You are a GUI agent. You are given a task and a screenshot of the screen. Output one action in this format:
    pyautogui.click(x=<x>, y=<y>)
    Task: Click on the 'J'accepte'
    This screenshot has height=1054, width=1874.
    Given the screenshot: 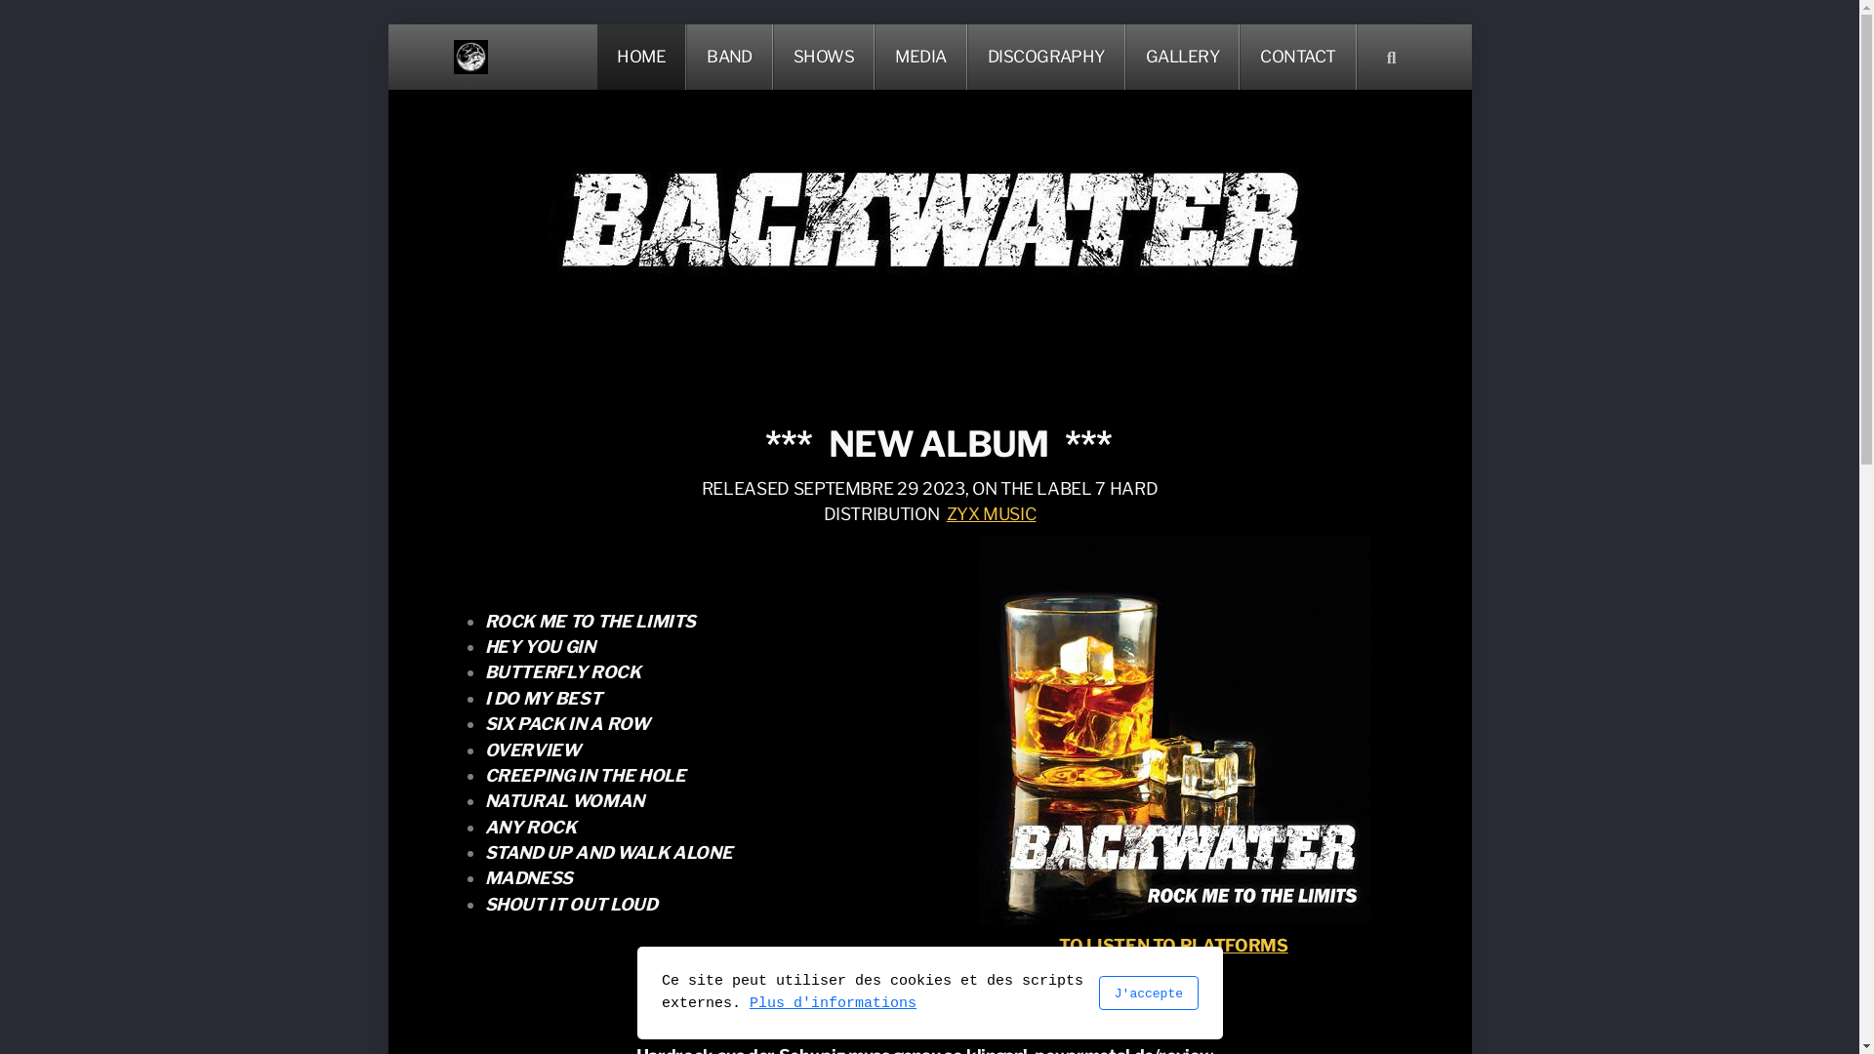 What is the action you would take?
    pyautogui.click(x=1097, y=993)
    